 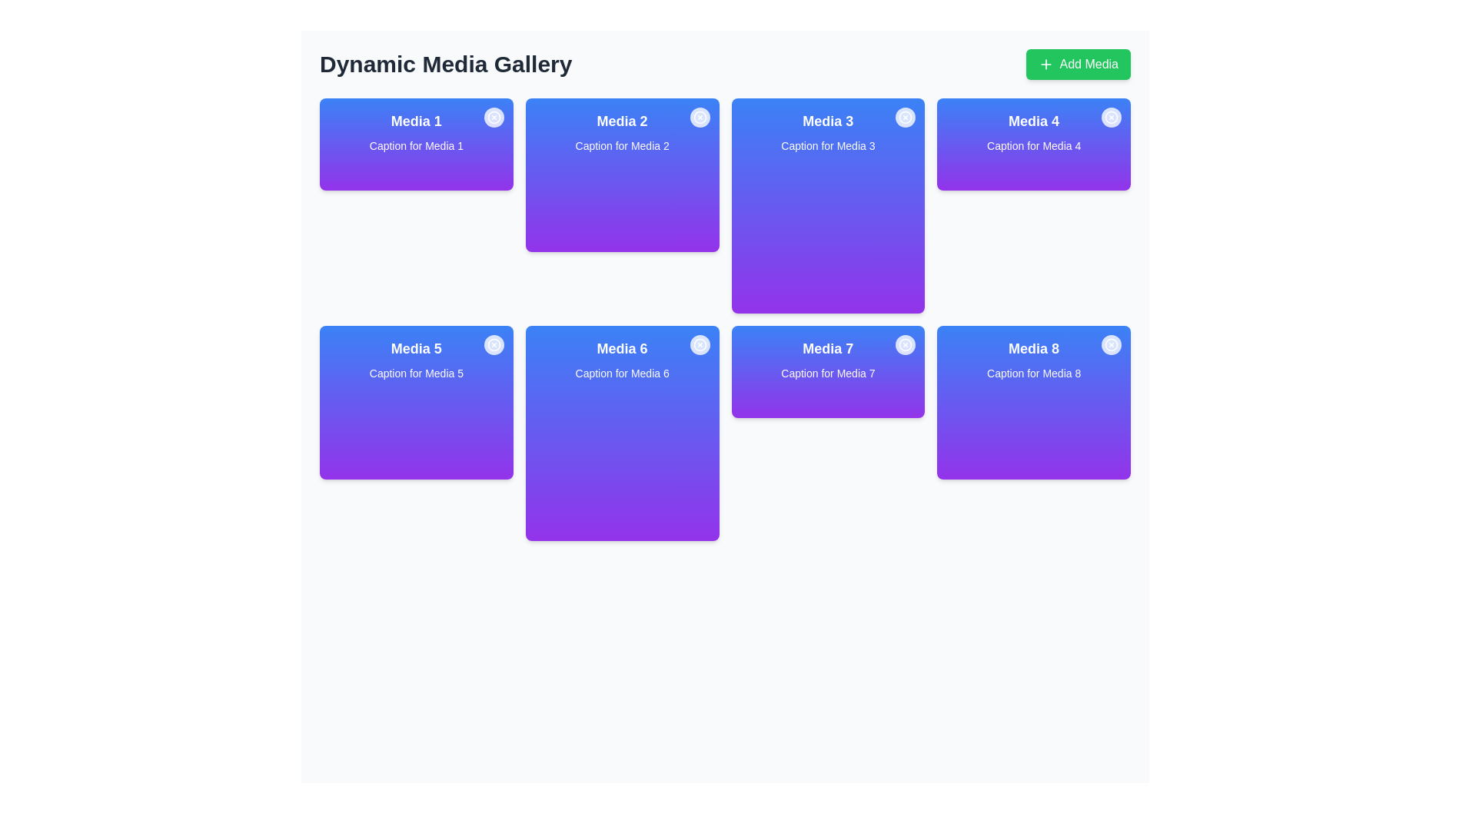 What do you see at coordinates (622, 174) in the screenshot?
I see `the Media display card located in the top center section of the interface` at bounding box center [622, 174].